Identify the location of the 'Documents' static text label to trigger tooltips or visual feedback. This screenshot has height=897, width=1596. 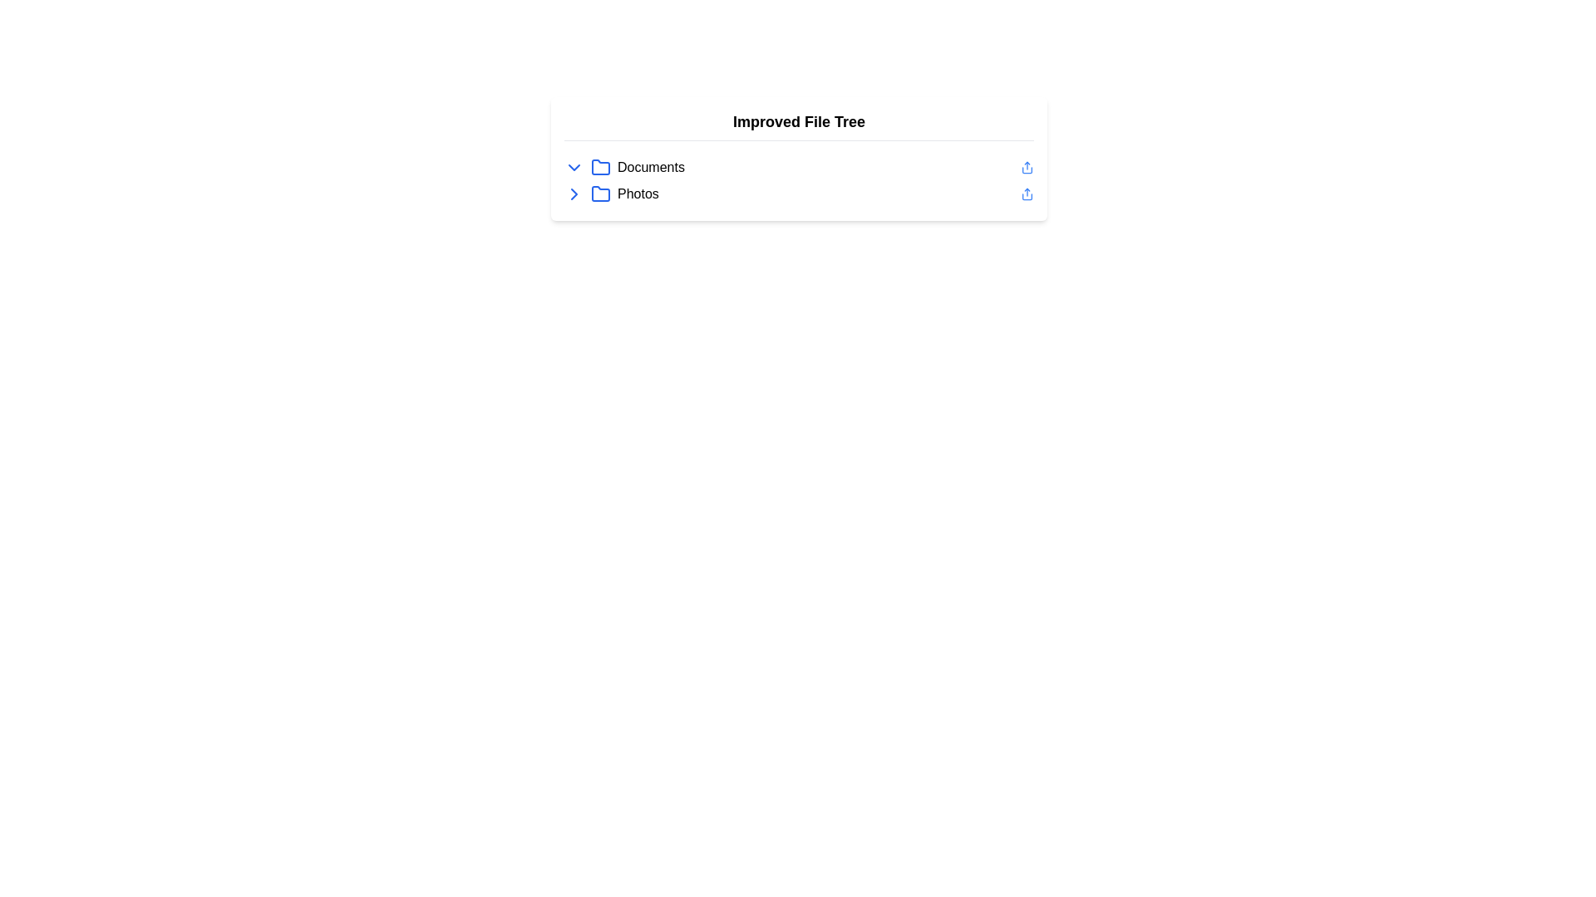
(650, 167).